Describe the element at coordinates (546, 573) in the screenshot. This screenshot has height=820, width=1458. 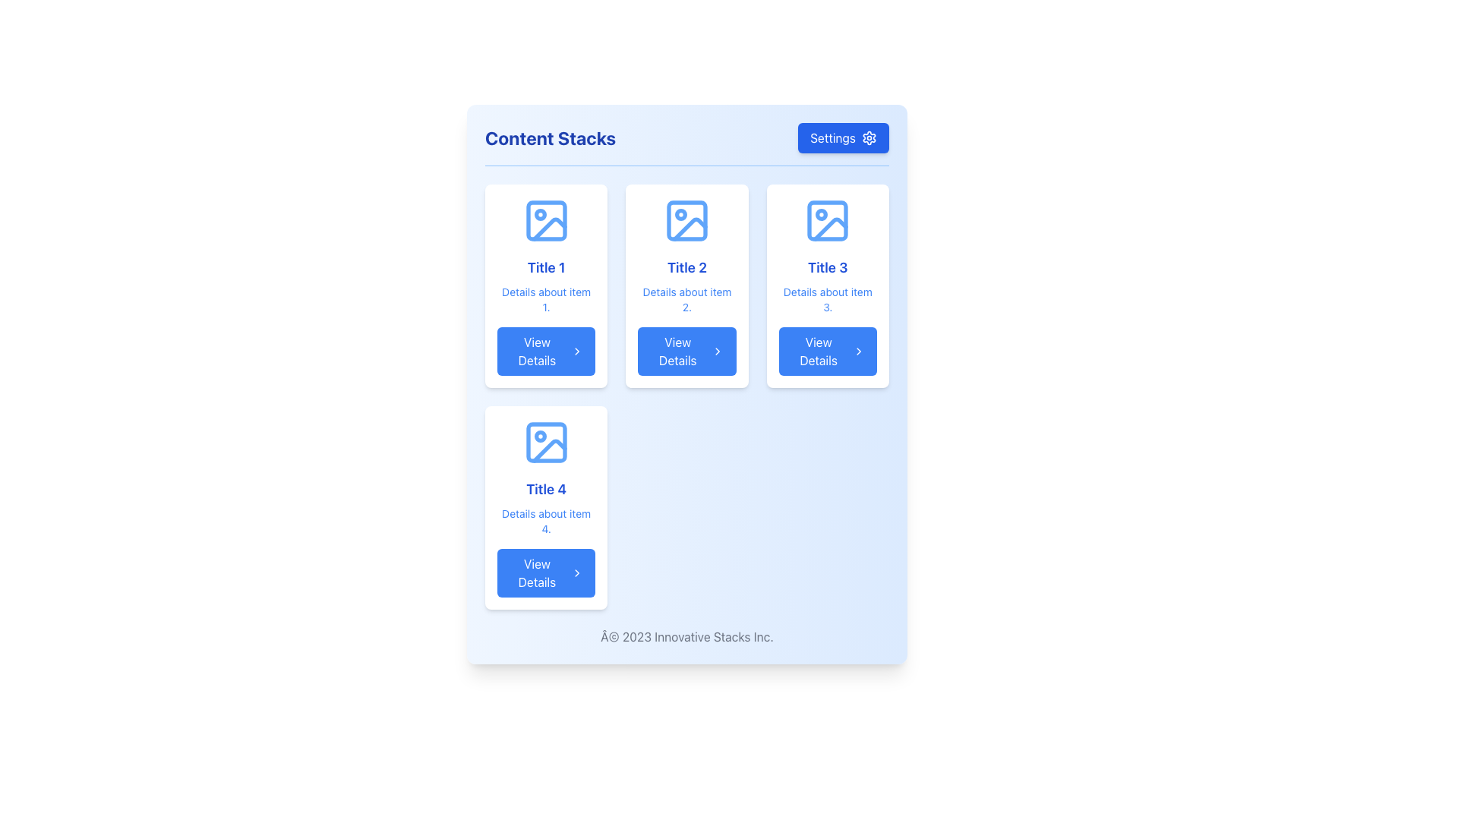
I see `the button located at the bottom section of the card titled 'Title 4'` at that location.